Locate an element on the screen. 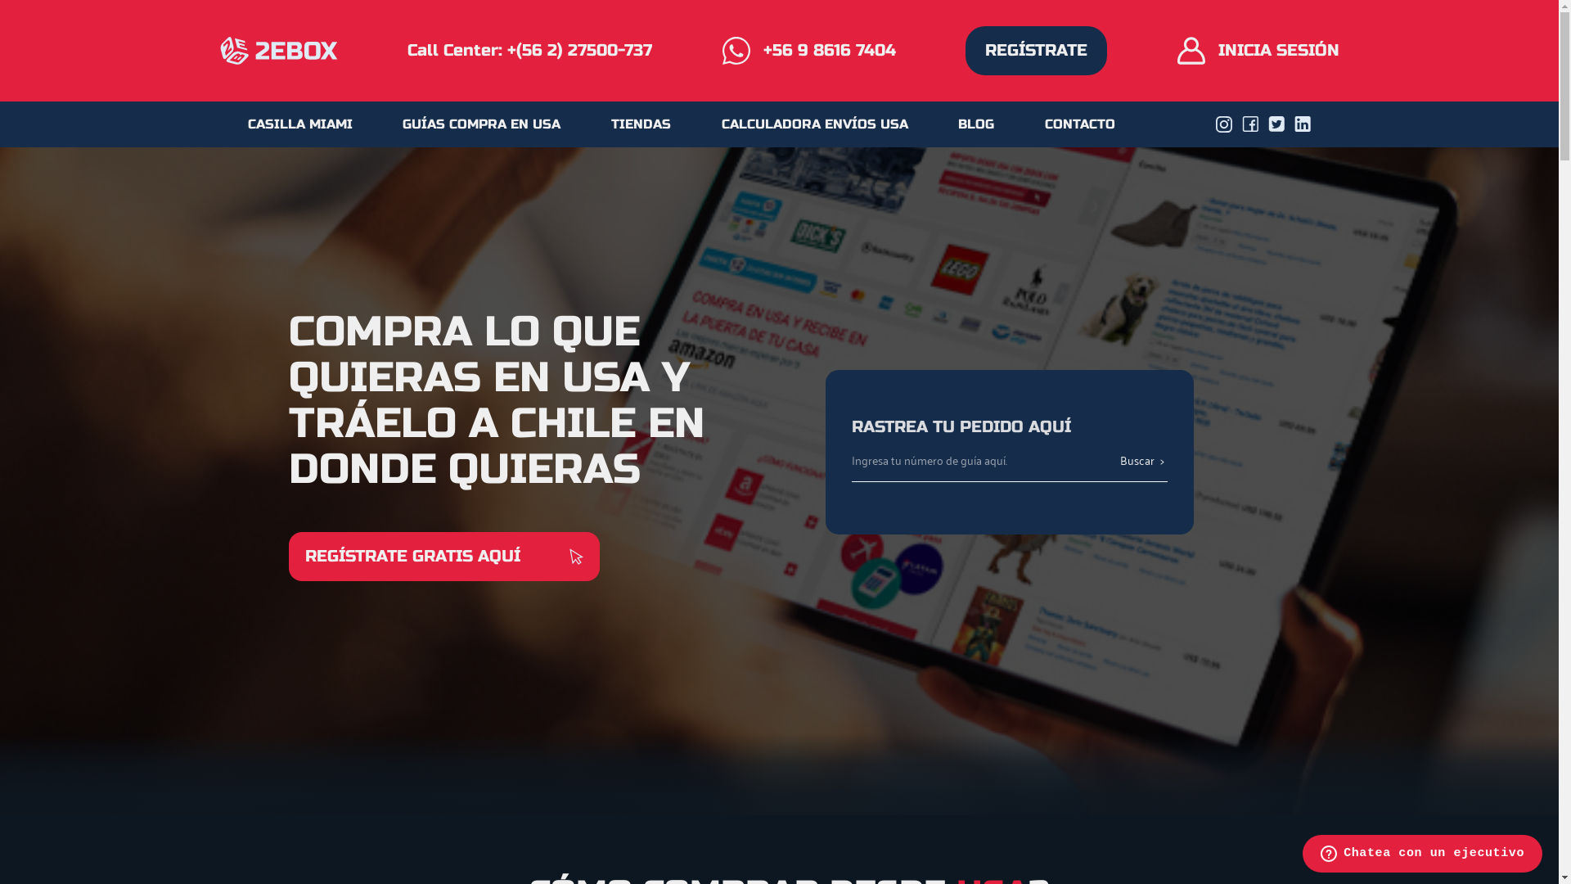  'twitter' is located at coordinates (1267, 123).